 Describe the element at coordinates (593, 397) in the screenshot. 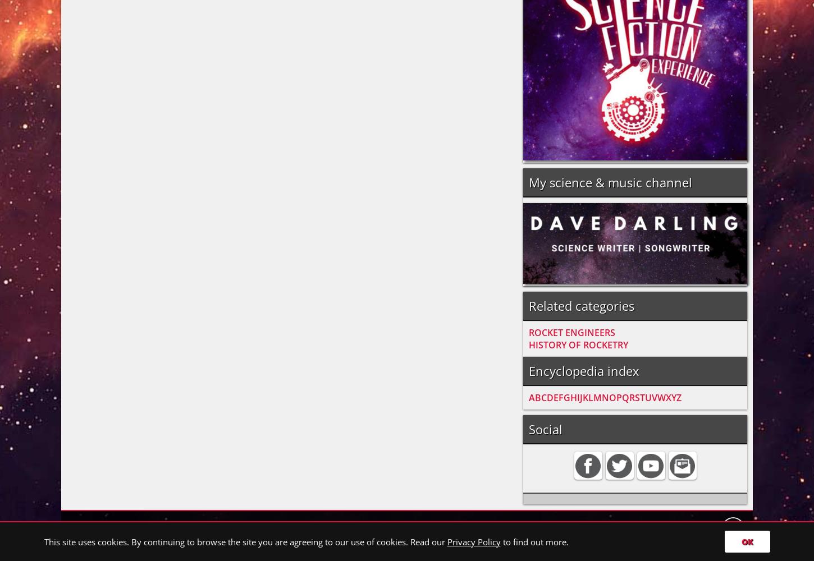

I see `'M'` at that location.